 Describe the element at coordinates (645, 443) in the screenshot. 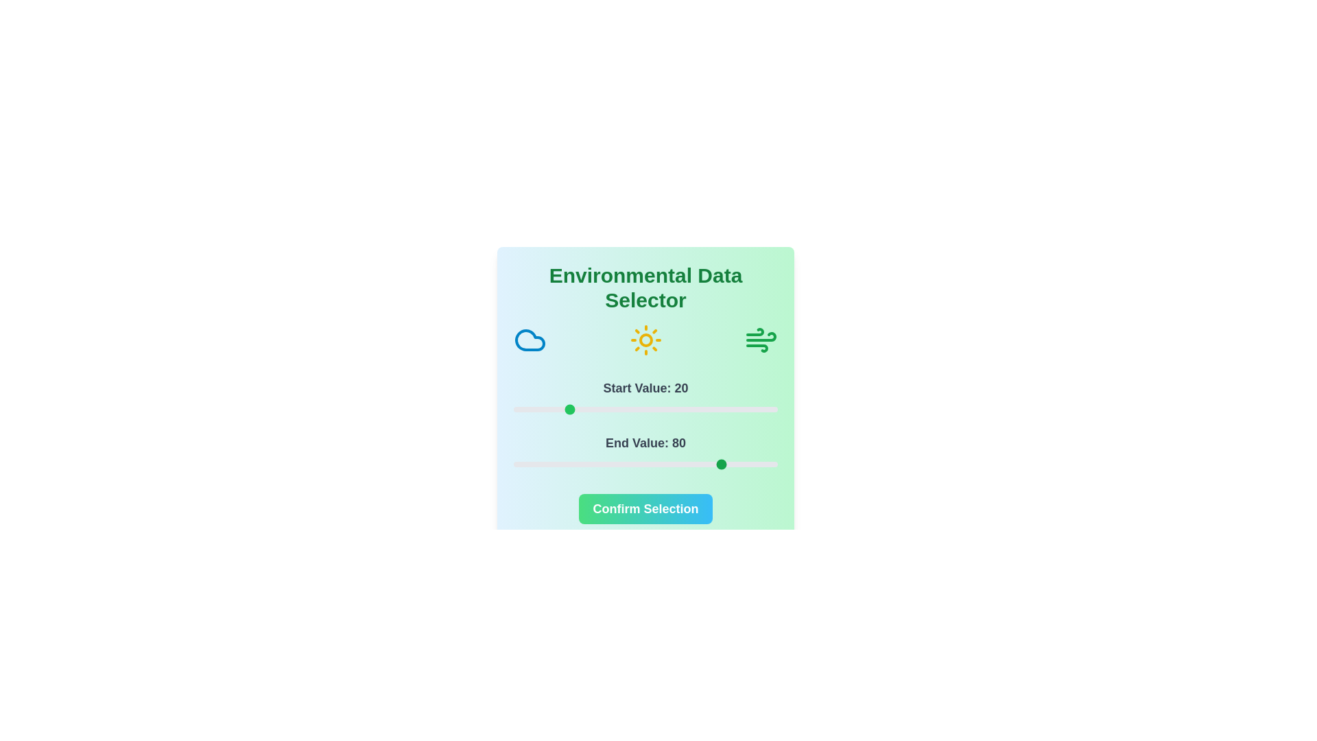

I see `the text label indicating the current end value of the slider, which is centrally aligned below the 'Start Value: 20' label and above the horizontal slider` at that location.